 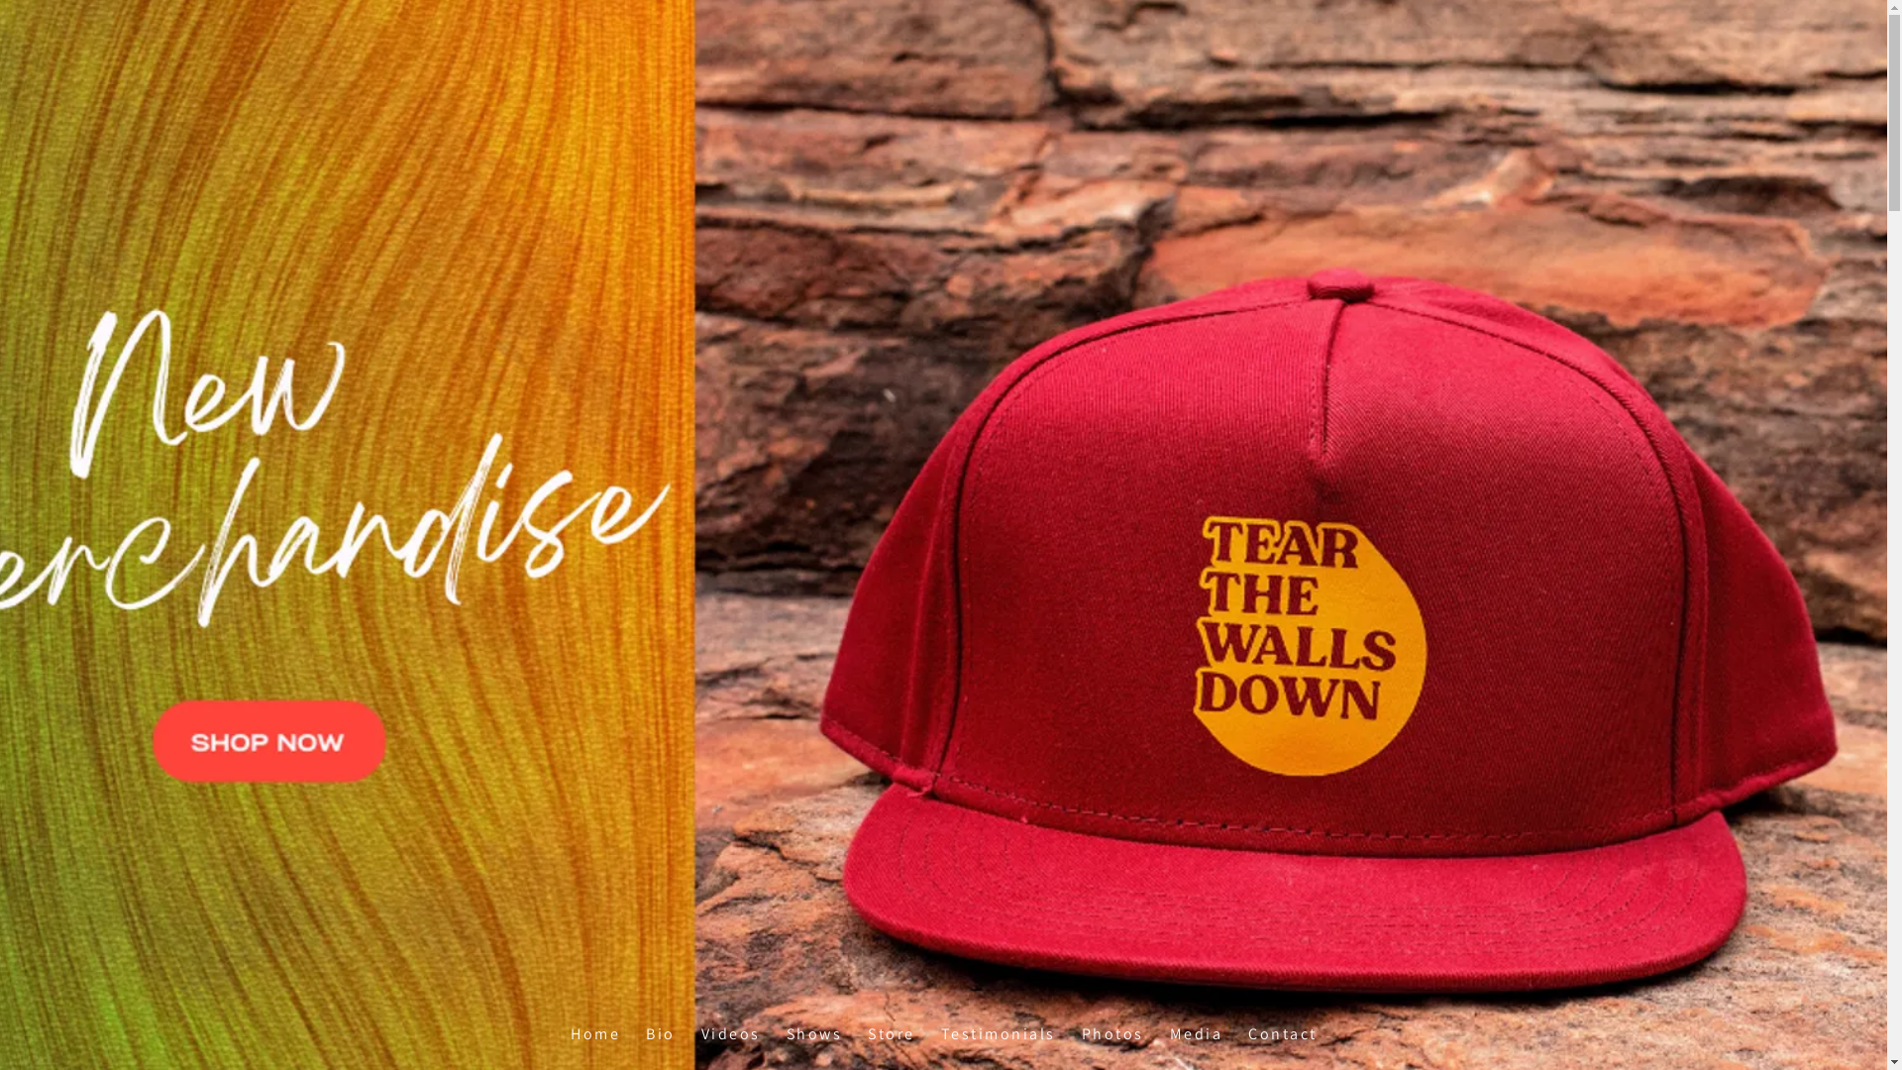 I want to click on 'Photos', so click(x=1111, y=1032).